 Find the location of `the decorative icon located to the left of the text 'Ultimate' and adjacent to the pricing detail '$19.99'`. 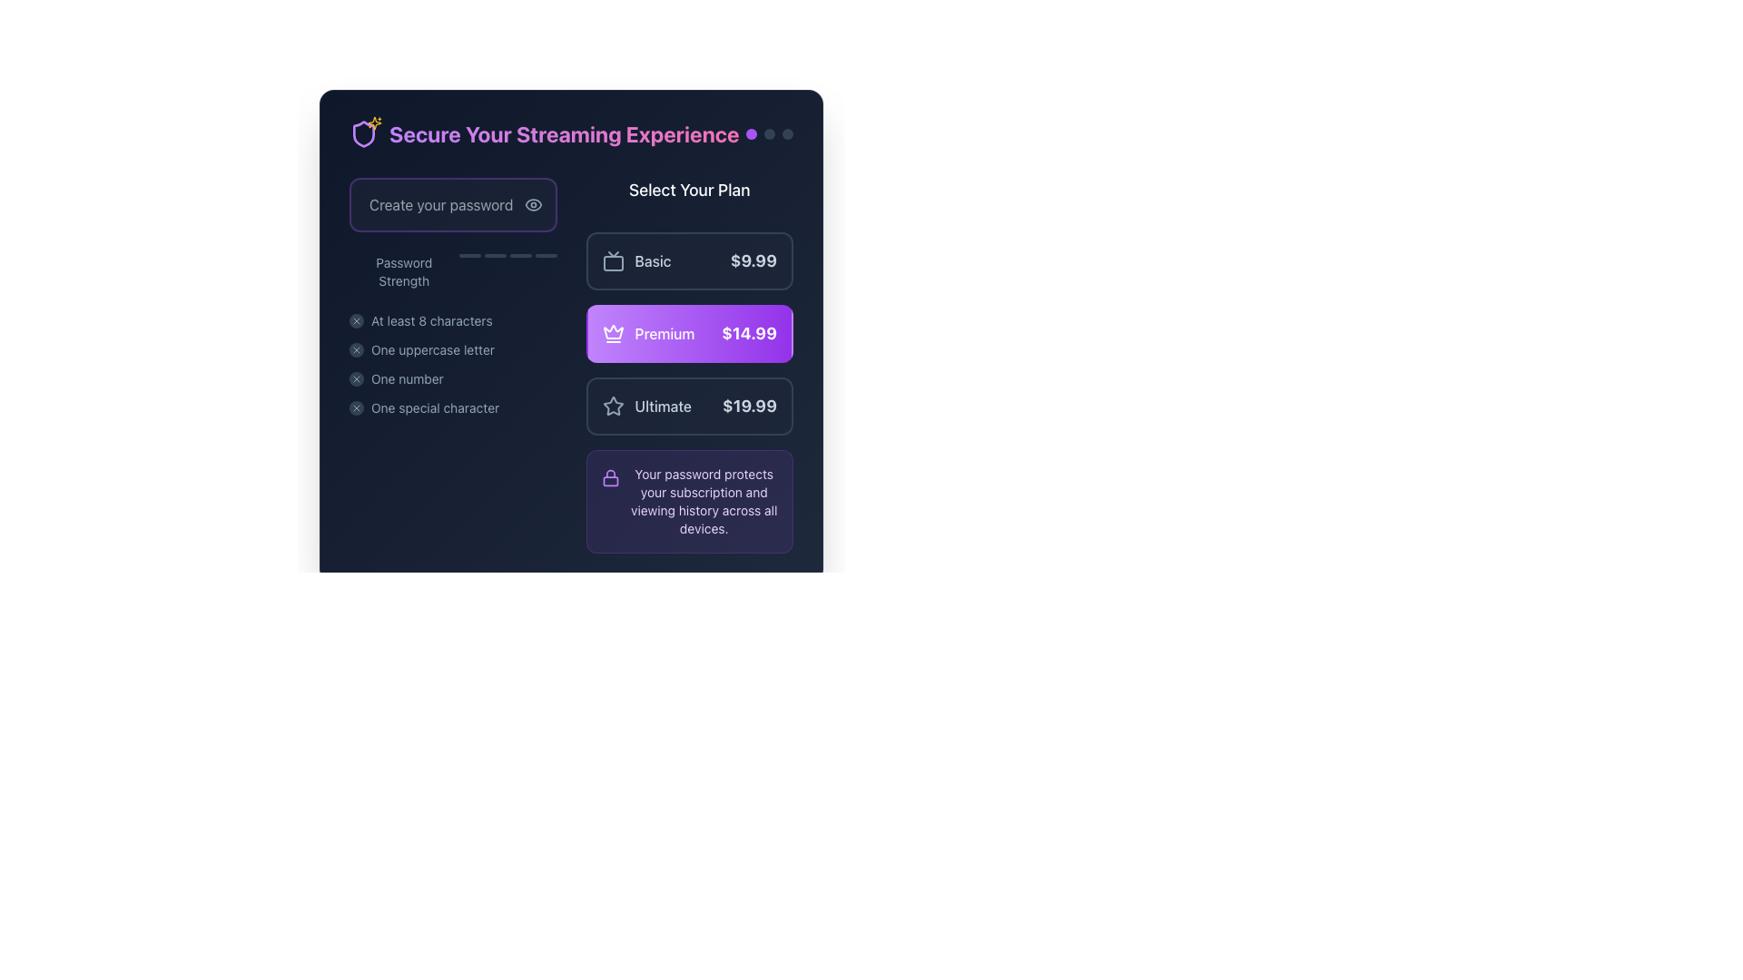

the decorative icon located to the left of the text 'Ultimate' and adjacent to the pricing detail '$19.99' is located at coordinates (613, 405).